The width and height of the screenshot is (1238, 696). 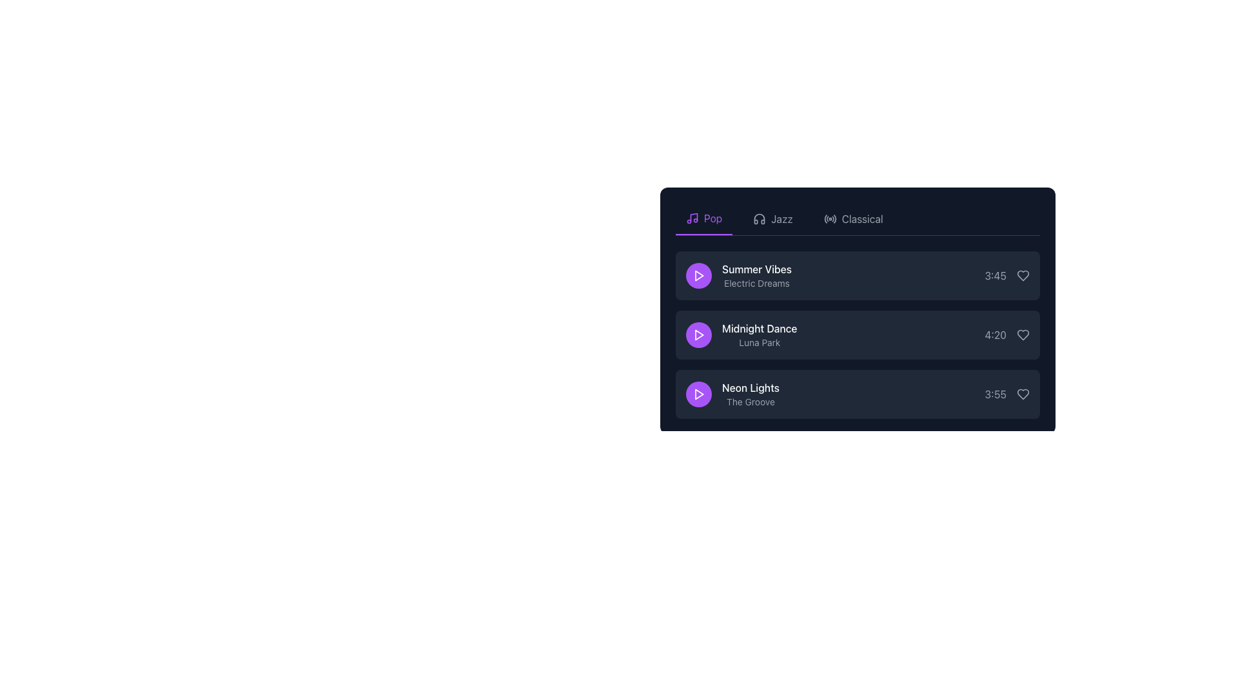 I want to click on the text display element showing 'Neon Lights' and 'The Groove', which is located in the third row of the music tracks panel, so click(x=732, y=394).